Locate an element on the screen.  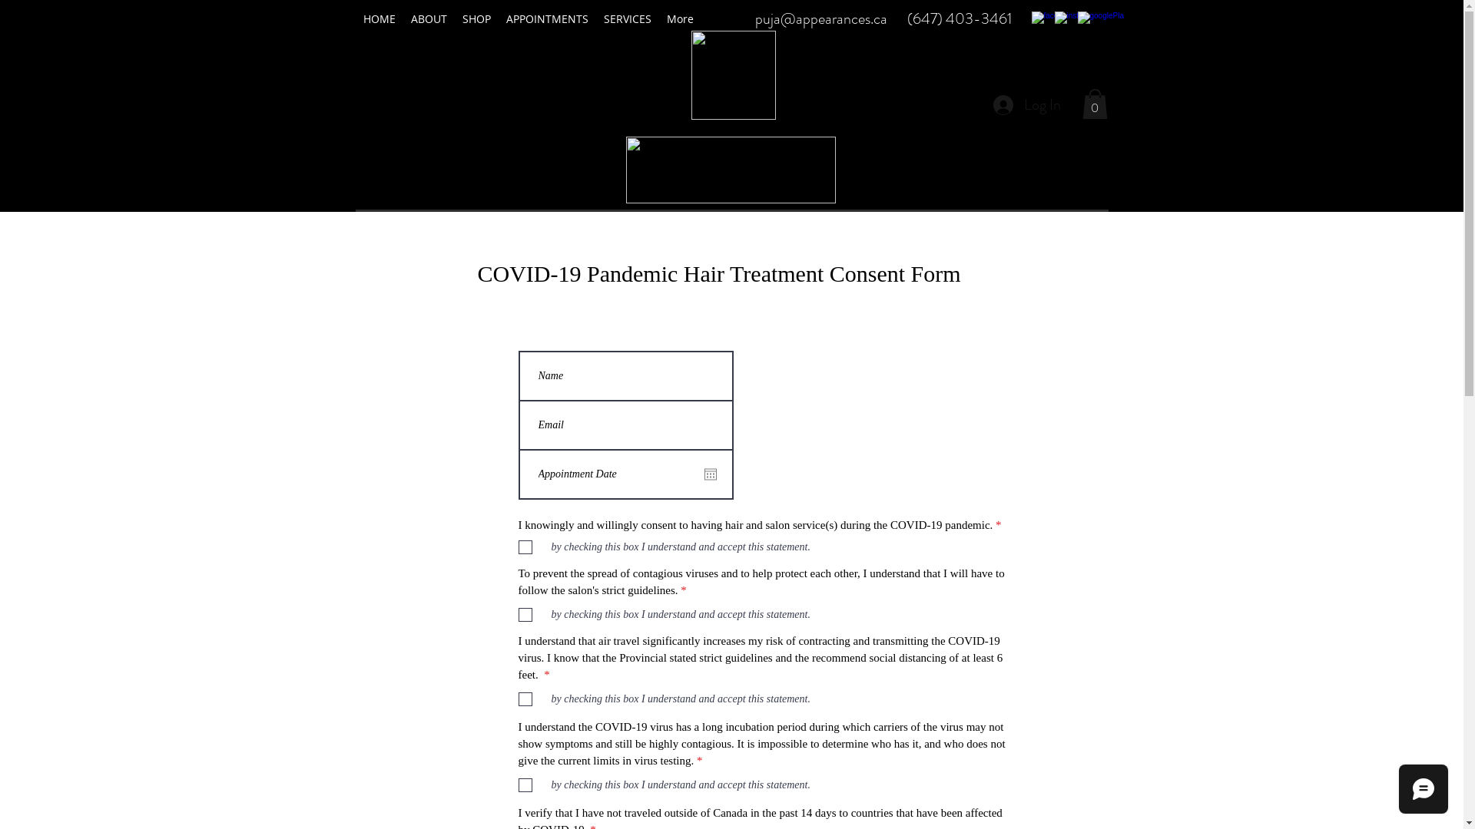
'puja@appearances.ca' is located at coordinates (820, 18).